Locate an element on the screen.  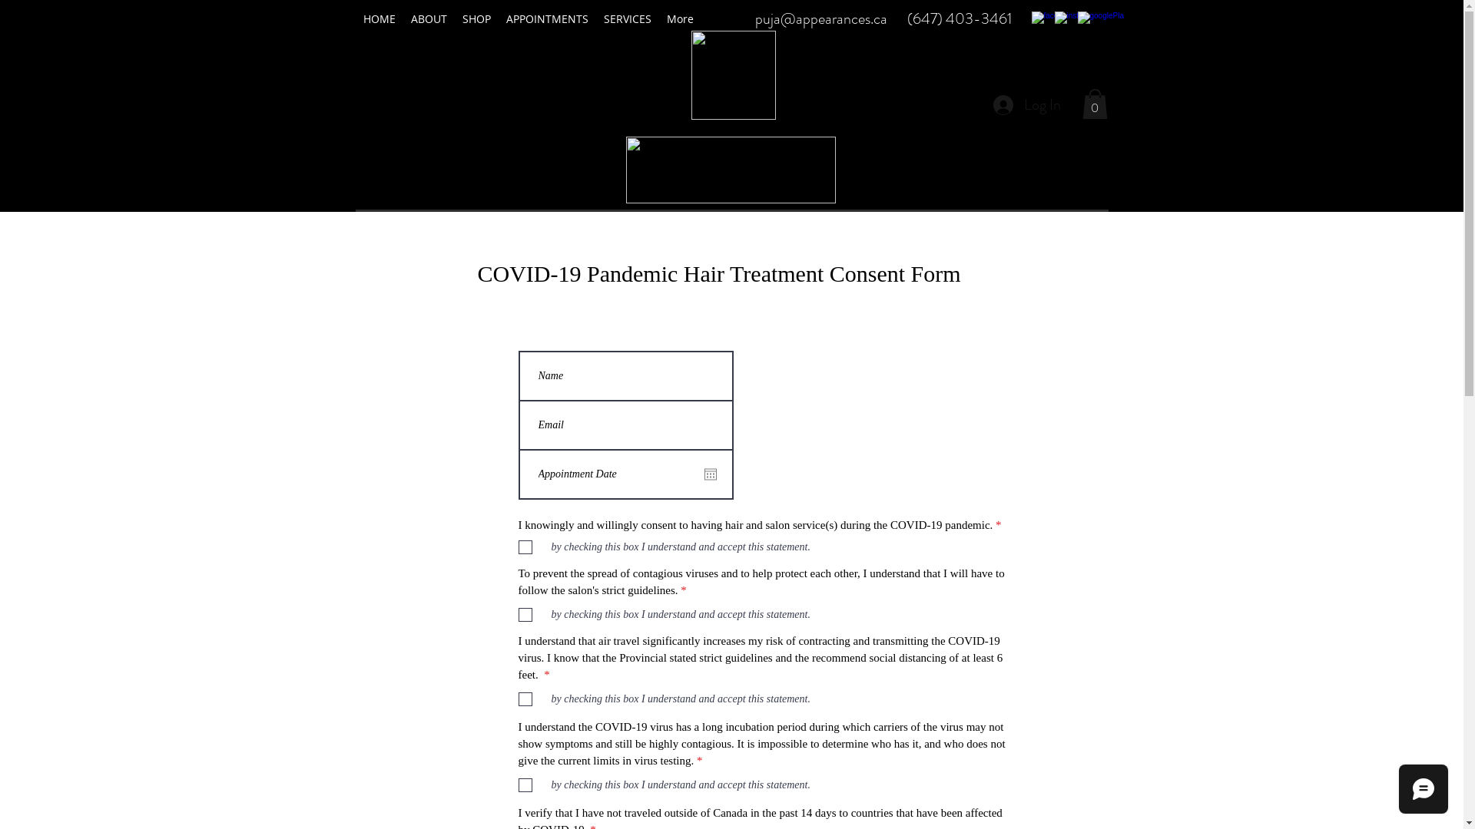
'puja@appearances.ca' is located at coordinates (820, 18).